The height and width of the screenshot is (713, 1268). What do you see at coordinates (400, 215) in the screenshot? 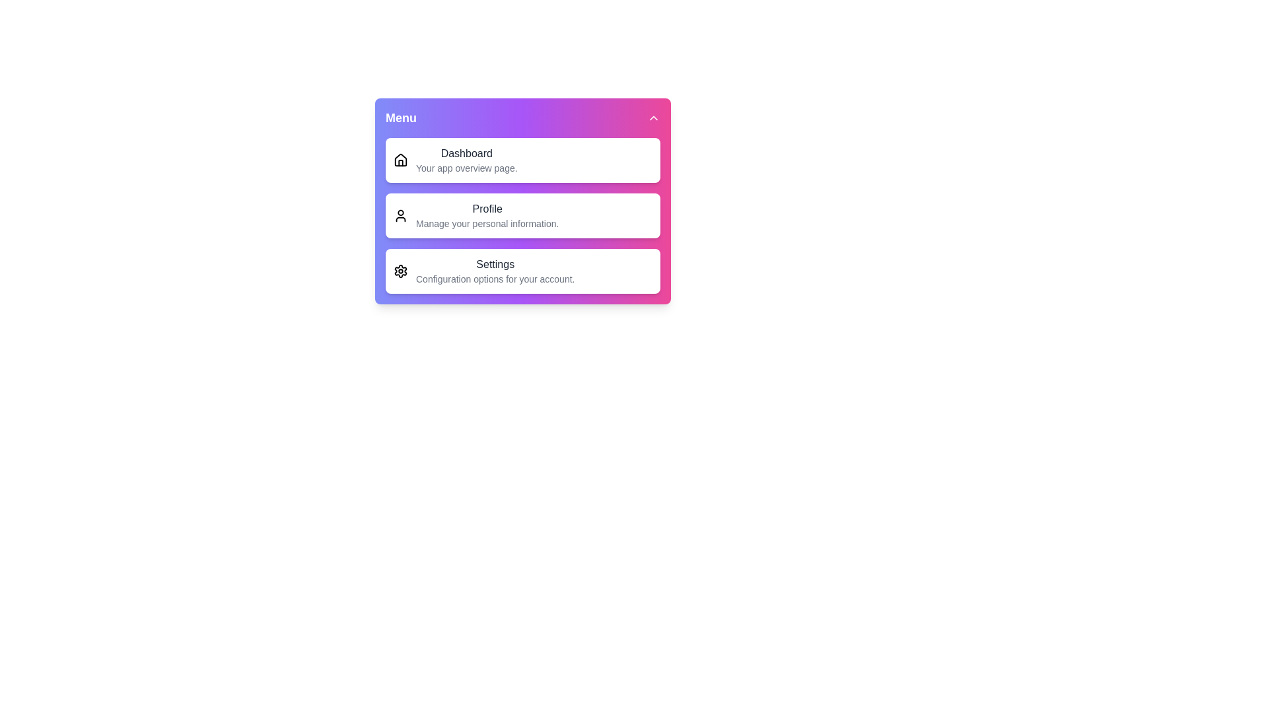
I see `the icon of the Profile menu item` at bounding box center [400, 215].